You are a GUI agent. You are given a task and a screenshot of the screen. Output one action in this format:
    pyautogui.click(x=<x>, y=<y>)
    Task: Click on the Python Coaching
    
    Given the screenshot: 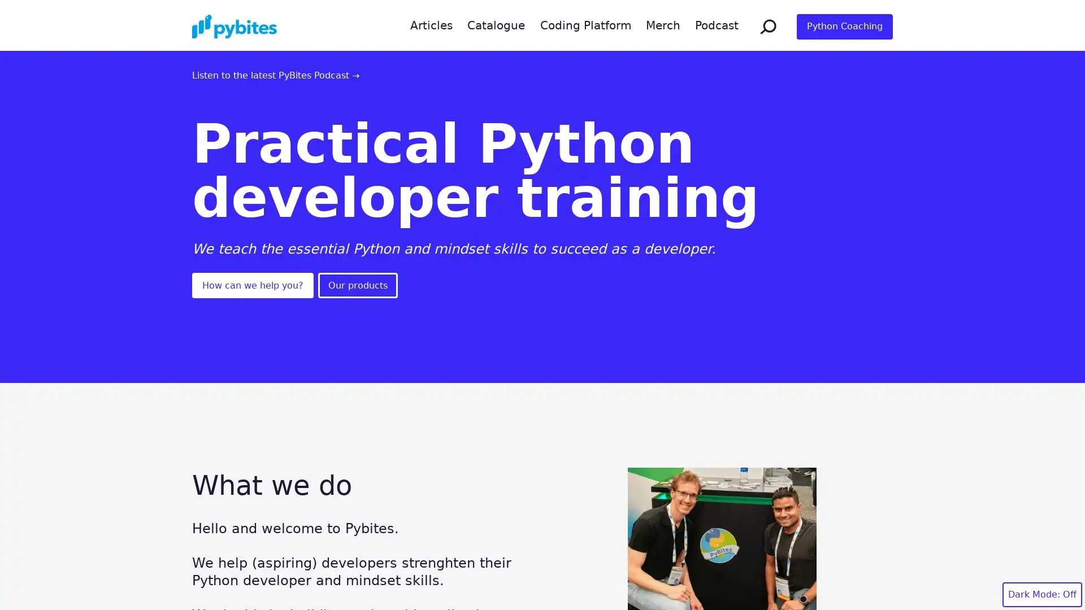 What is the action you would take?
    pyautogui.click(x=844, y=25)
    